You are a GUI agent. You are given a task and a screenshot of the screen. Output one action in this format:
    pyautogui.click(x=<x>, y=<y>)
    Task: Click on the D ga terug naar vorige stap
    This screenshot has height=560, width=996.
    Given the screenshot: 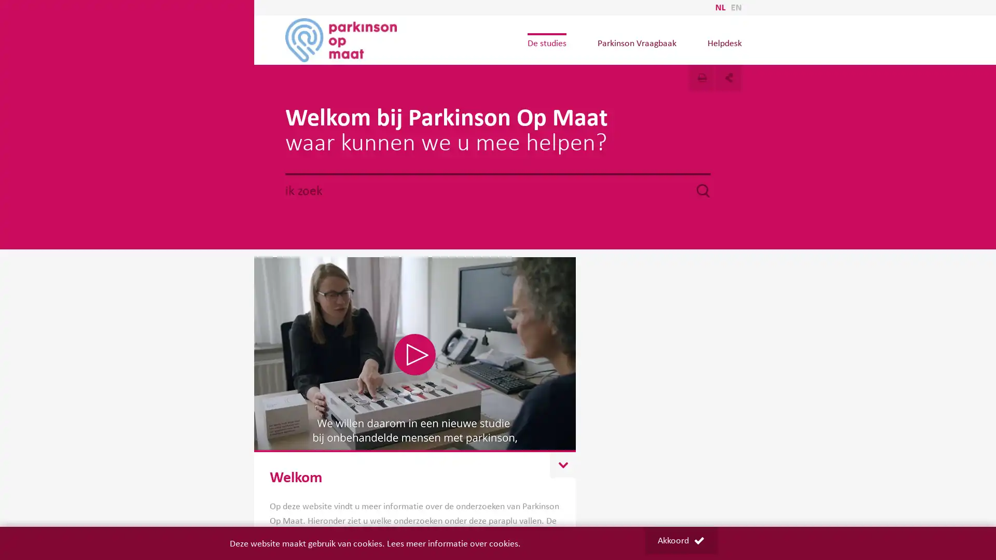 What is the action you would take?
    pyautogui.click(x=674, y=67)
    